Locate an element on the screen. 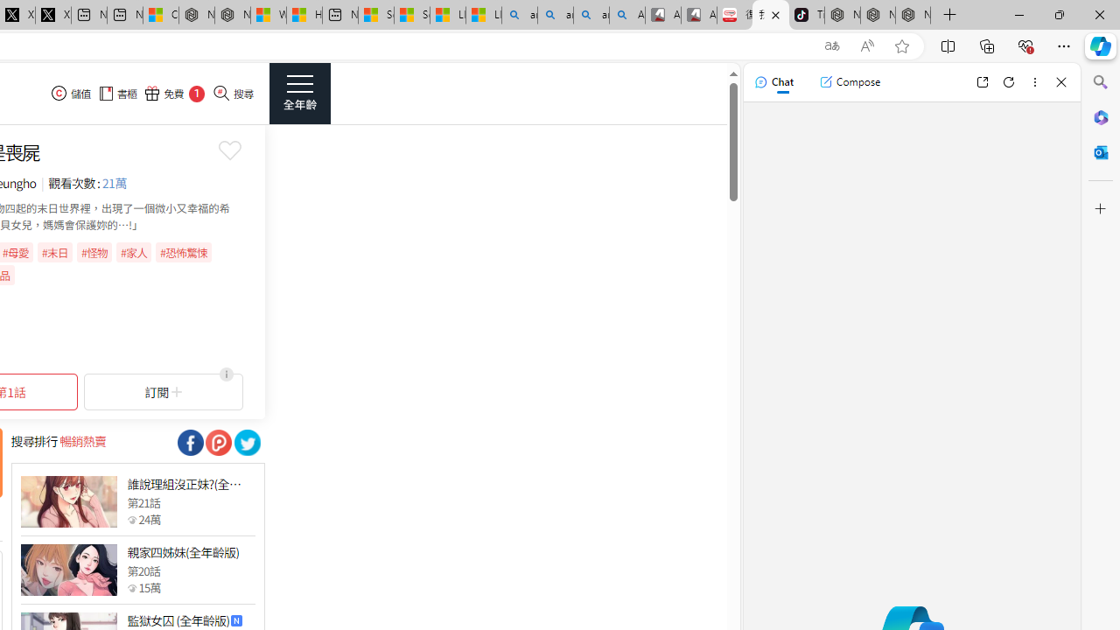  'Nordace - Siena Pro 15 Essential Set' is located at coordinates (912, 15).